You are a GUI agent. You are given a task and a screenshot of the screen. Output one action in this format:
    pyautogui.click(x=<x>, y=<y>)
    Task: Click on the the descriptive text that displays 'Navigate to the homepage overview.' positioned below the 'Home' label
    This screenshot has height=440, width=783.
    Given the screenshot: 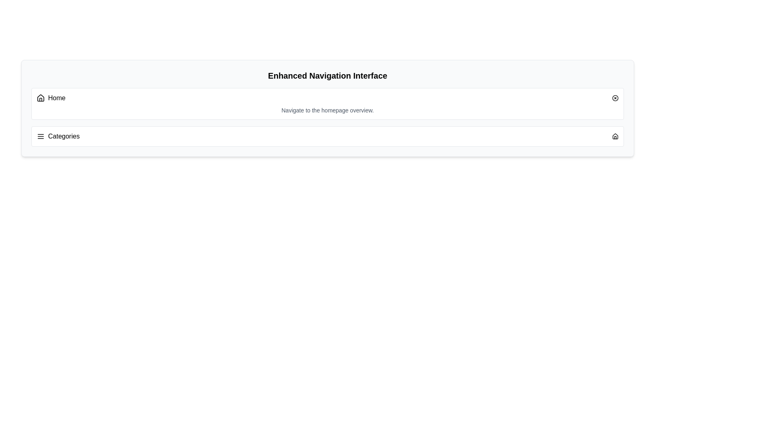 What is the action you would take?
    pyautogui.click(x=327, y=110)
    